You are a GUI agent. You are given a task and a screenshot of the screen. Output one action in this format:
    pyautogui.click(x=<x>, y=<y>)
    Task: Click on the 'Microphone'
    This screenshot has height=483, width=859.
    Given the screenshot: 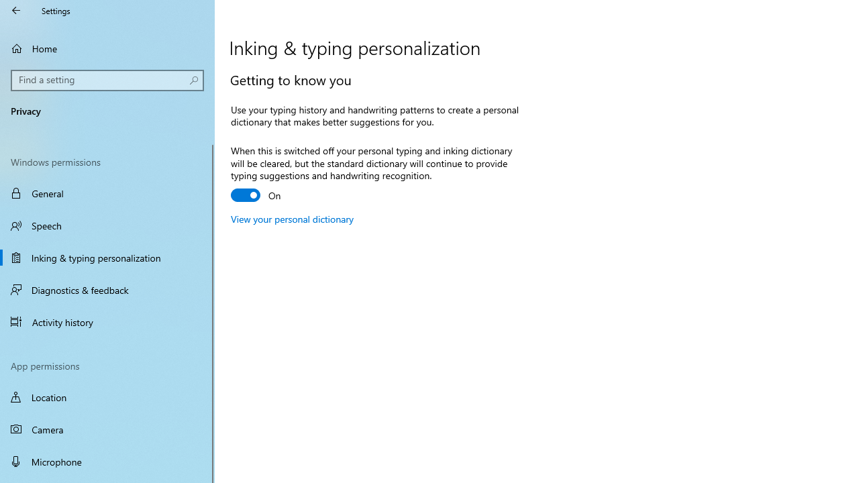 What is the action you would take?
    pyautogui.click(x=107, y=460)
    